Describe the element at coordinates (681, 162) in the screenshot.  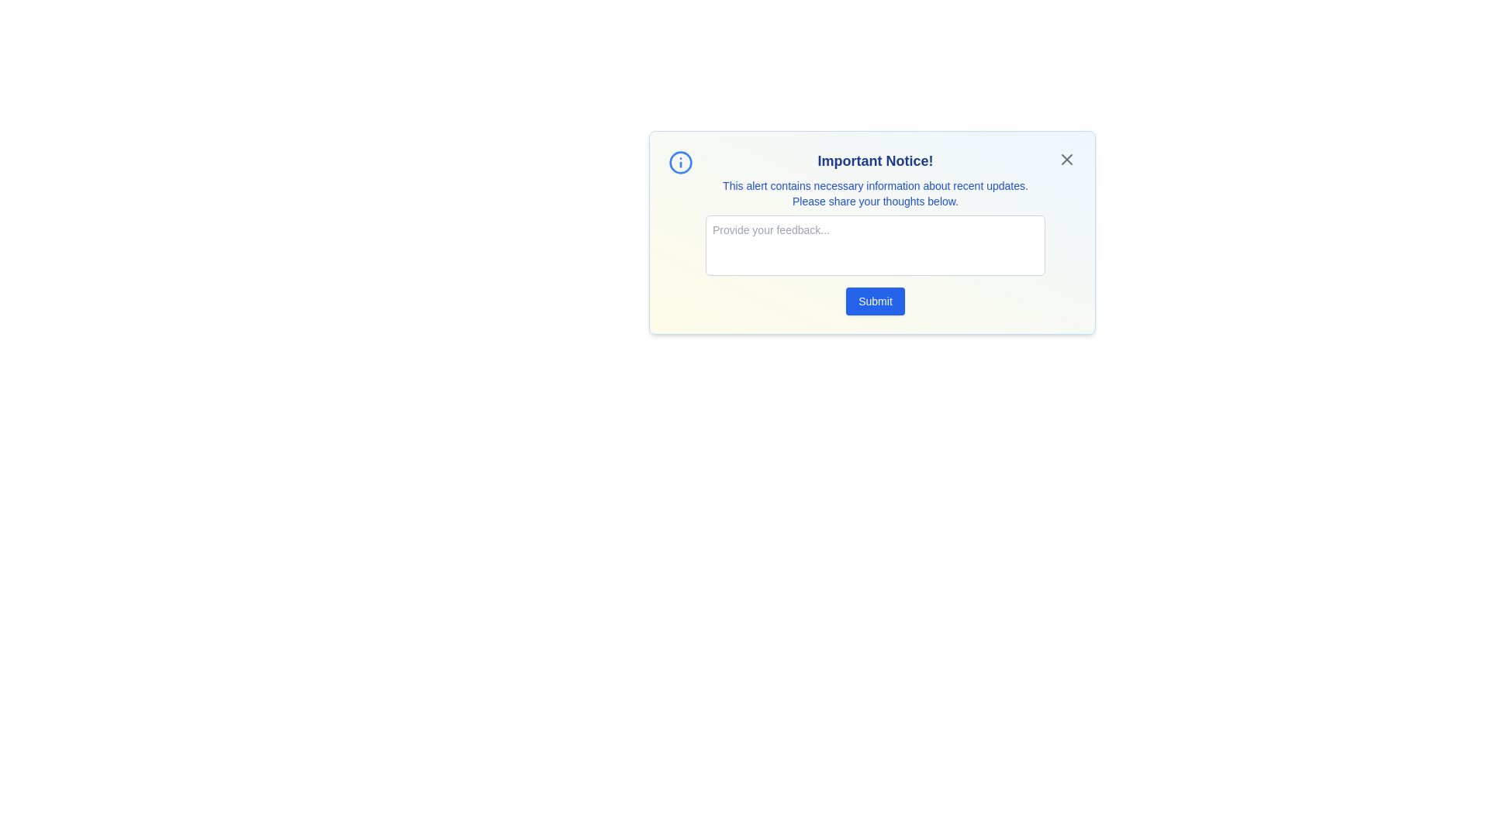
I see `the Information Icon located at the top-left corner of the notice box, next to the 'Important Notice!' text` at that location.